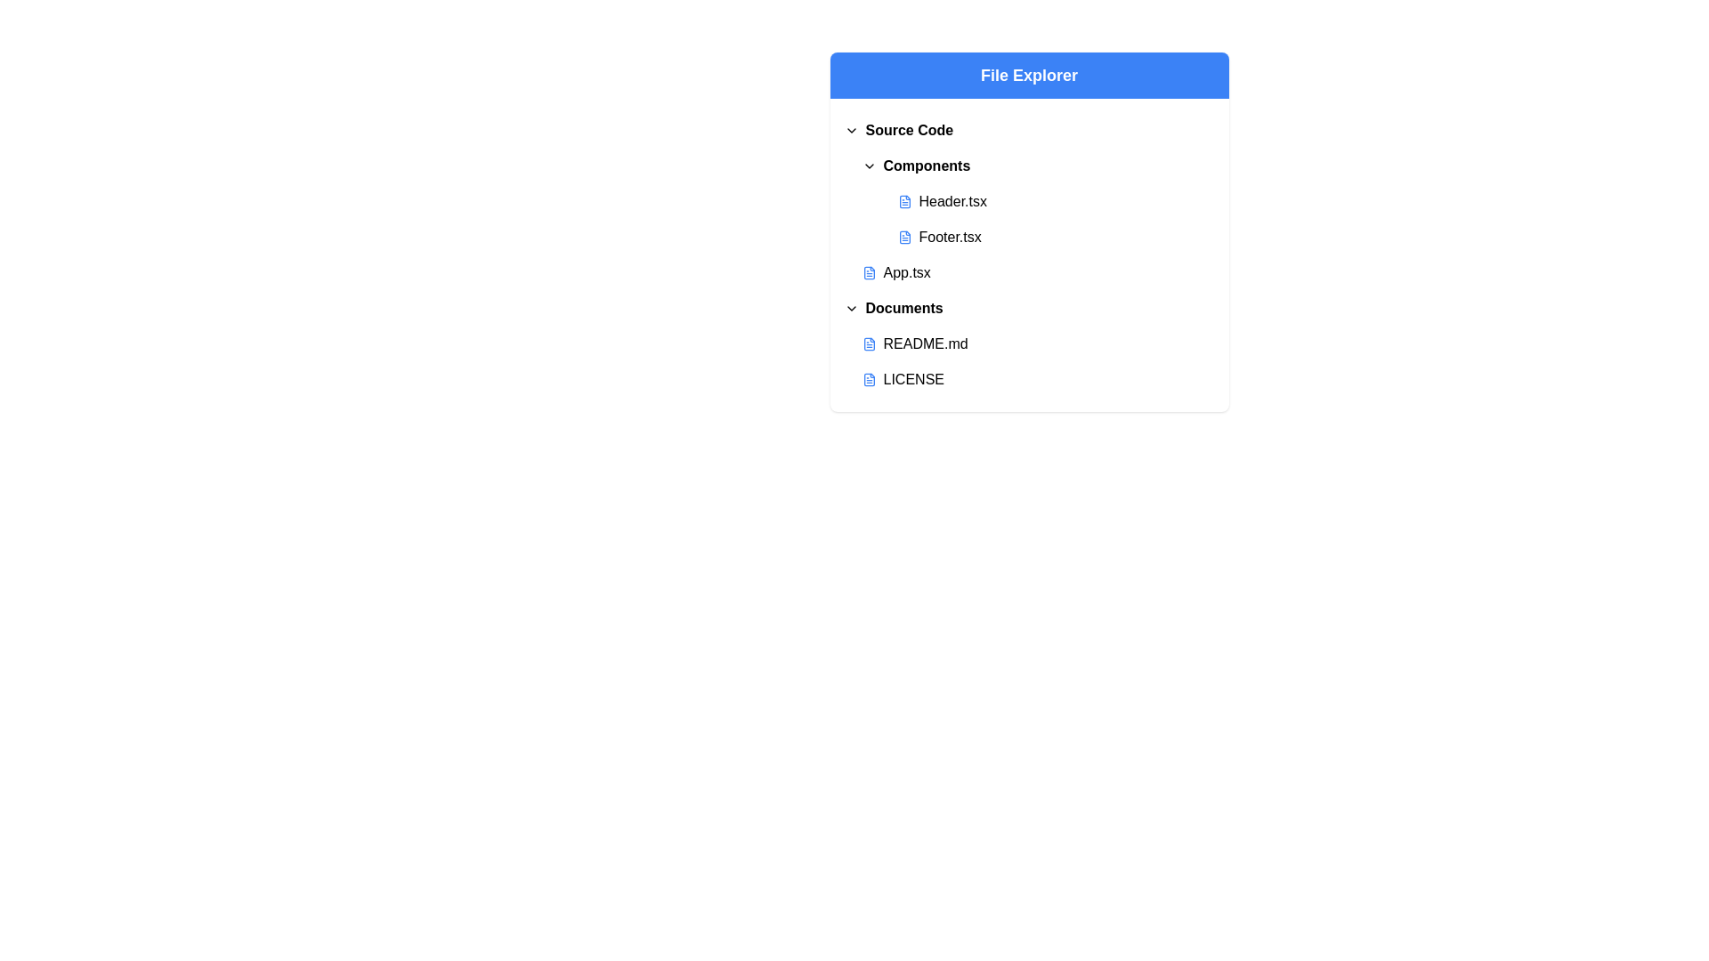 The width and height of the screenshot is (1709, 961). I want to click on the style and color of the blue SVG icon representing a file or document, located to the left of the text label 'Footer.tsx' in the file explorer panel, which is part of the second item under the 'Components' sub-header in the 'Source Code' section, so click(904, 236).